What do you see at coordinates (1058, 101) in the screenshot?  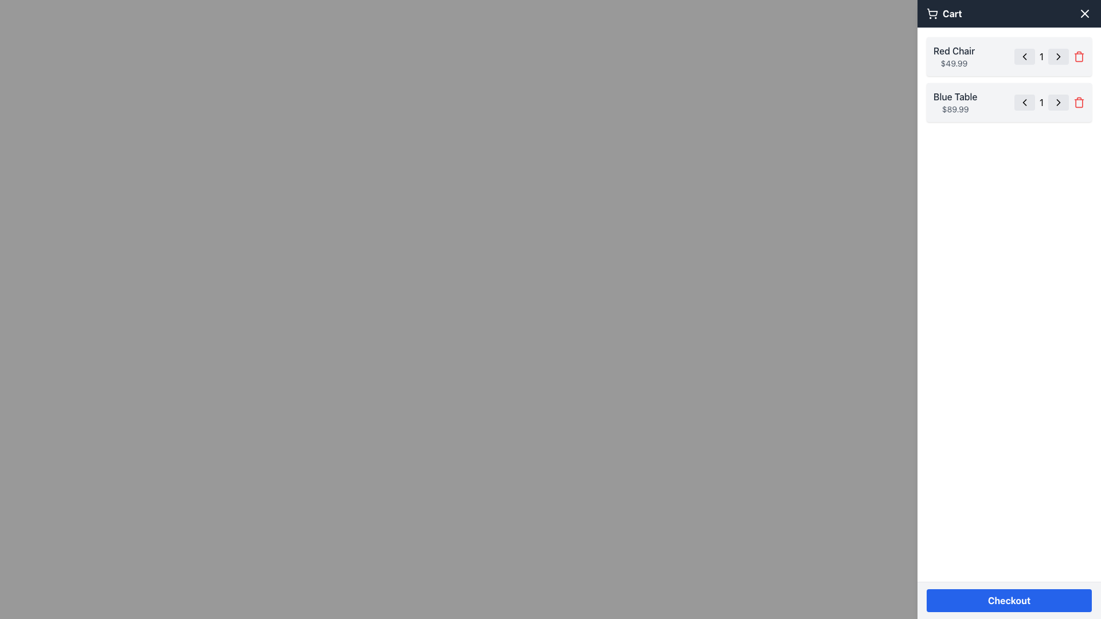 I see `the right-pointing chevron icon located in the second item of the cart list, adjacent to the quantity controls` at bounding box center [1058, 101].